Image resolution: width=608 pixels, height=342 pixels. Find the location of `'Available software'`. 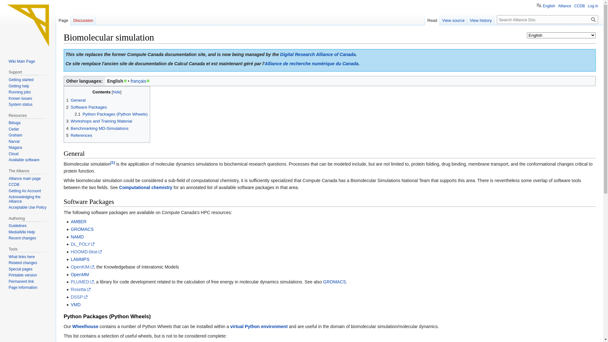

'Available software' is located at coordinates (24, 160).